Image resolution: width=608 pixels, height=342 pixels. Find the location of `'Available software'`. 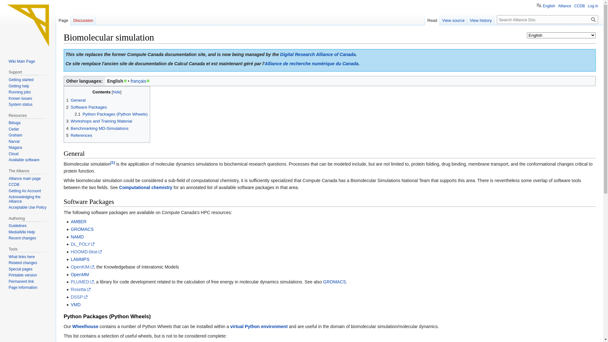

'Available software' is located at coordinates (24, 160).